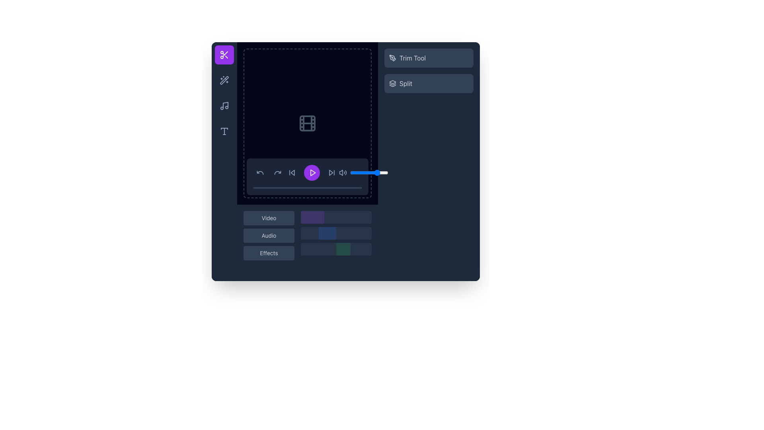 Image resolution: width=764 pixels, height=430 pixels. What do you see at coordinates (332, 172) in the screenshot?
I see `the forward skip icon, which is a triangle pointing to the right with a vertical line, located in the toolbar at the bottom of the interface, to the right of the purple play button and to the left of the speaker icon` at bounding box center [332, 172].